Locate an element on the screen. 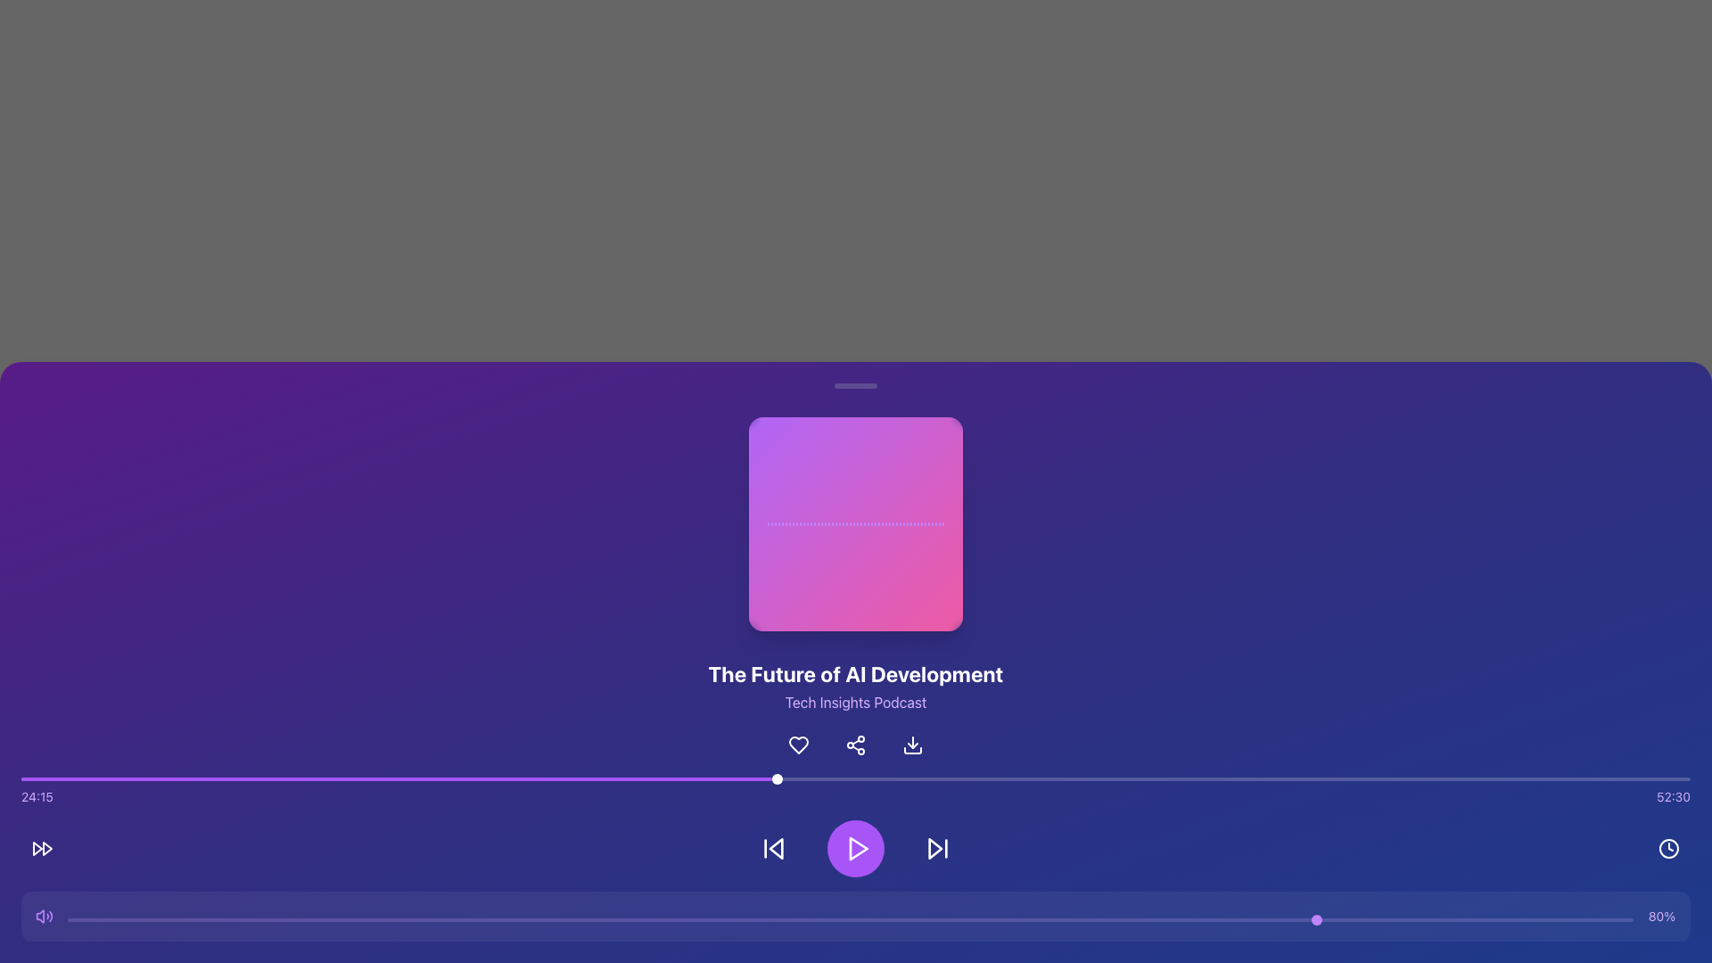  the forward-skip icon button, which is the third button from the left in the control buttons layout is located at coordinates (936, 848).